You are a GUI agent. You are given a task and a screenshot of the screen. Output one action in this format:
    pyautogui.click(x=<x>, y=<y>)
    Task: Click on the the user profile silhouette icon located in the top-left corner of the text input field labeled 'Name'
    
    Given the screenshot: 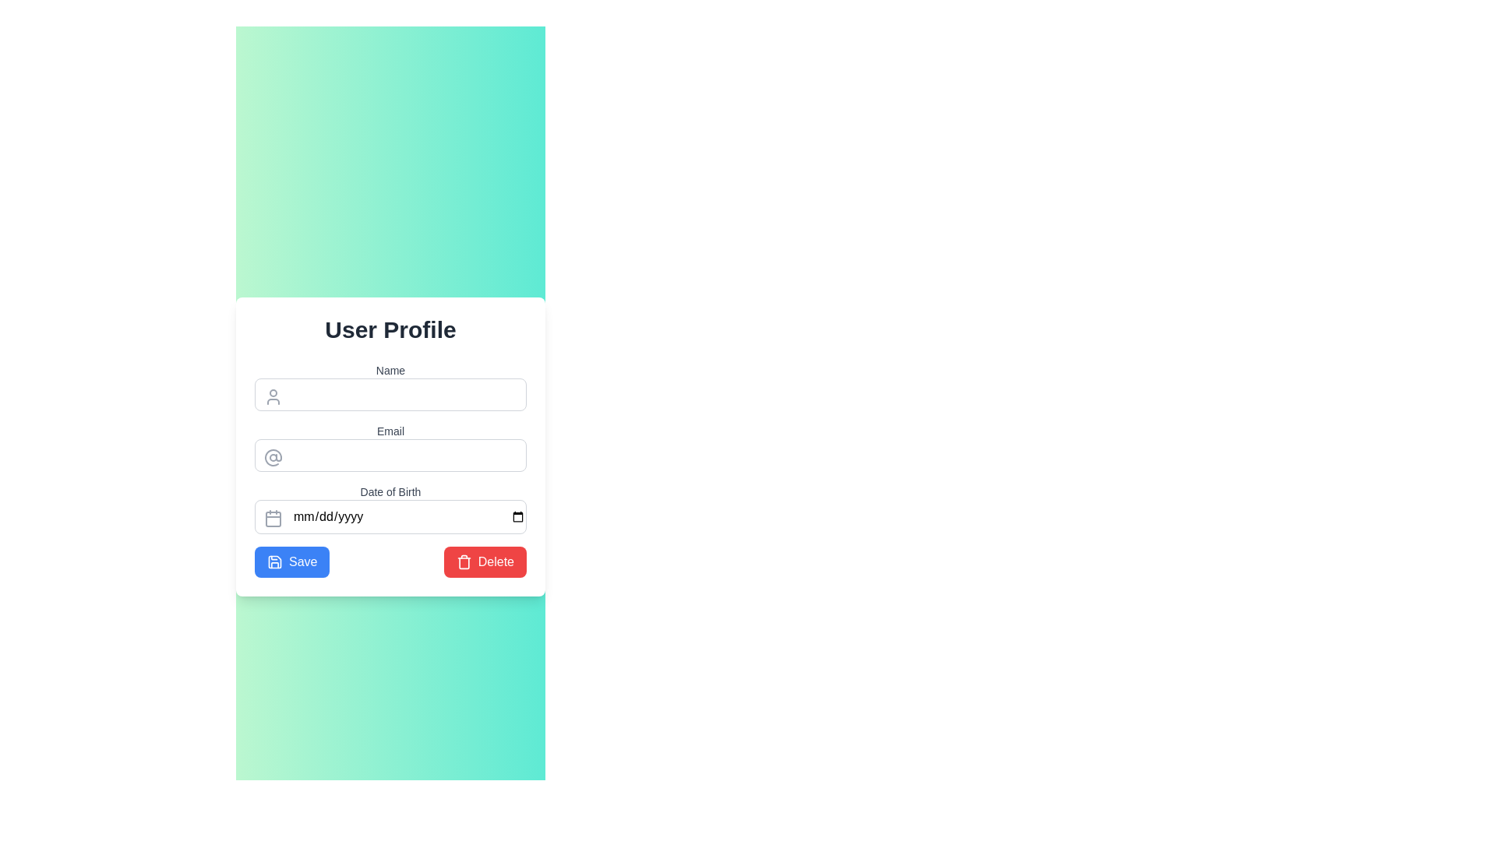 What is the action you would take?
    pyautogui.click(x=273, y=396)
    